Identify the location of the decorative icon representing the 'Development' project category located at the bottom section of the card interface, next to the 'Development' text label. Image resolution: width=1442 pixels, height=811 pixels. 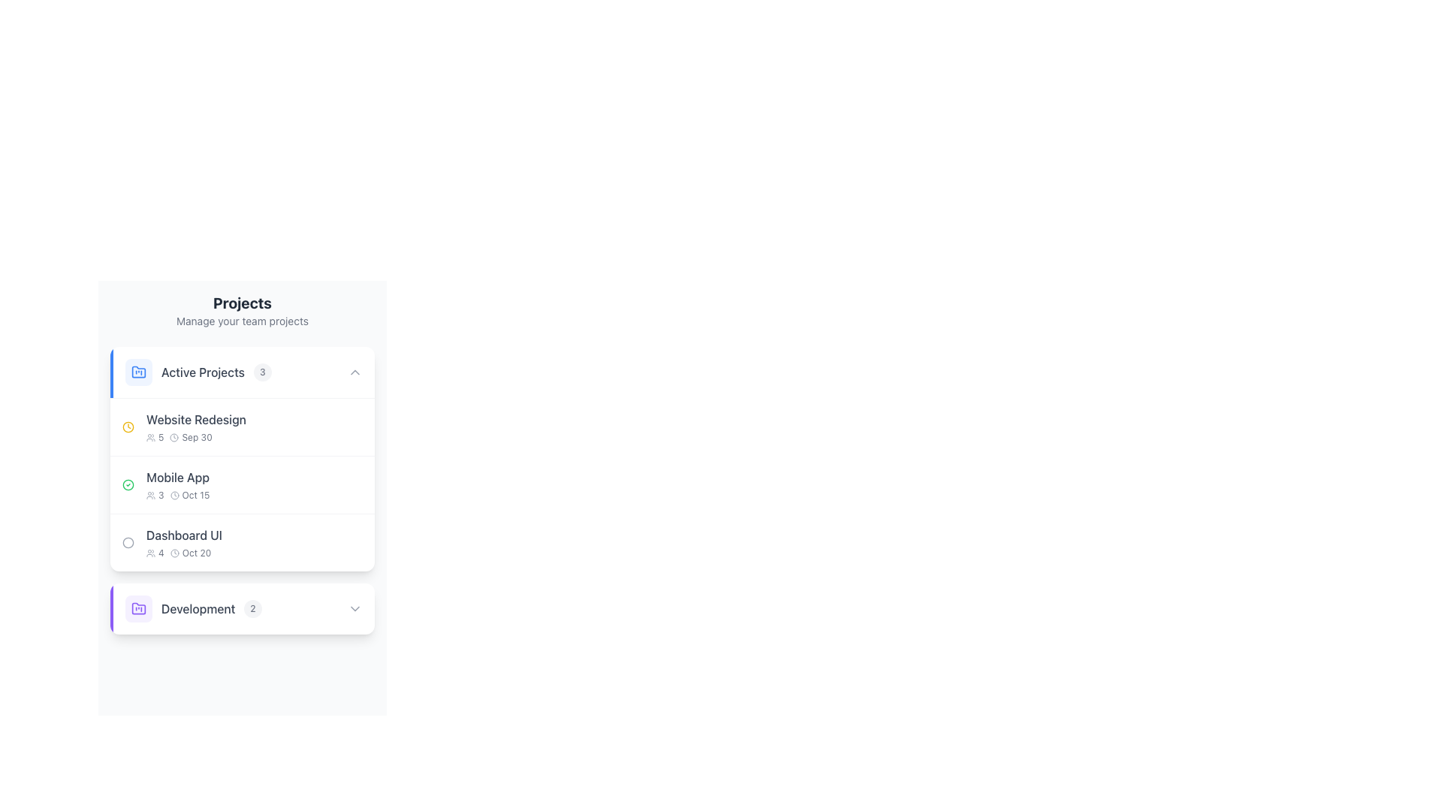
(139, 608).